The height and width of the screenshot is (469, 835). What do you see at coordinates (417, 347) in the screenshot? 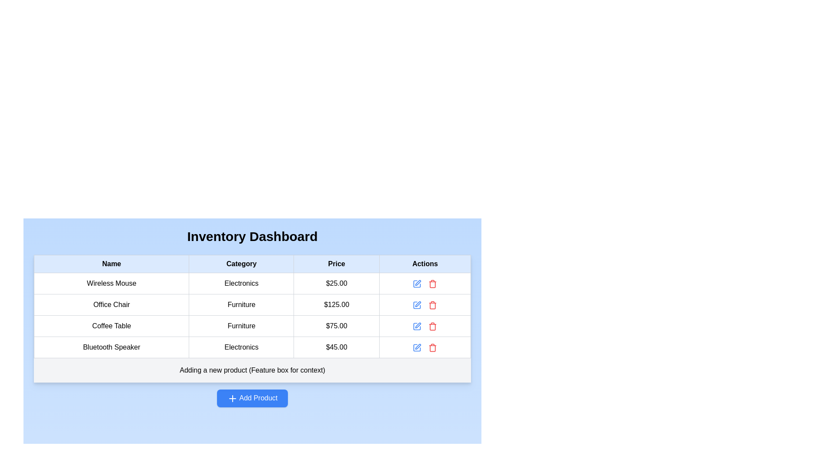
I see `the 'Edit' icon in the 'Actions' column of the fourth row for the 'Bluetooth Speaker' entry to initiate the edit action` at bounding box center [417, 347].